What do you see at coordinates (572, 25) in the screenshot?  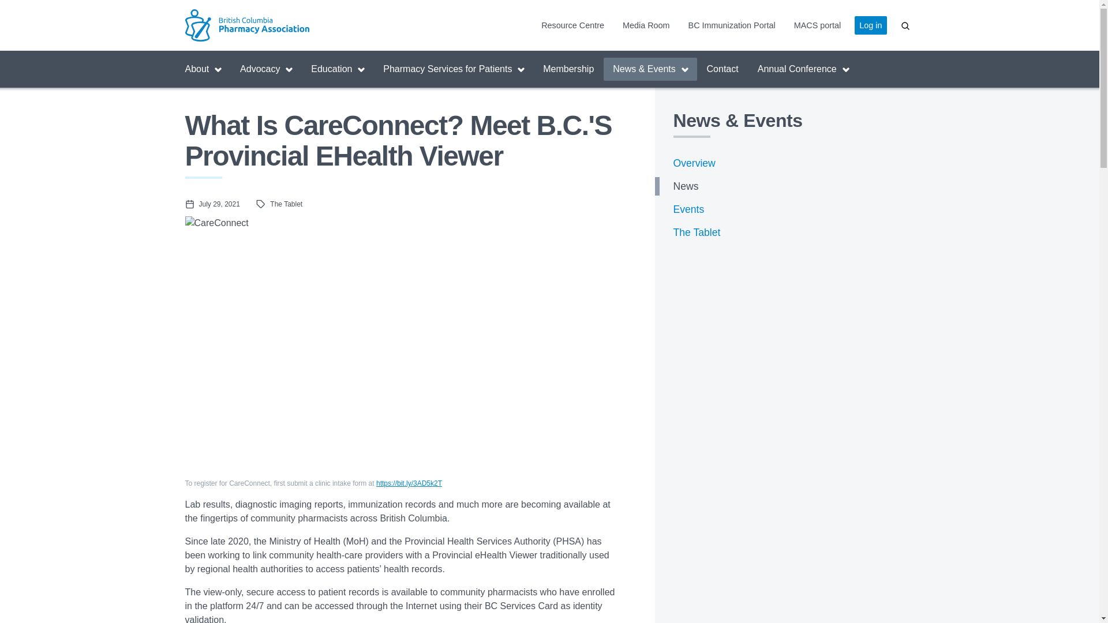 I see `'Resource Centre'` at bounding box center [572, 25].